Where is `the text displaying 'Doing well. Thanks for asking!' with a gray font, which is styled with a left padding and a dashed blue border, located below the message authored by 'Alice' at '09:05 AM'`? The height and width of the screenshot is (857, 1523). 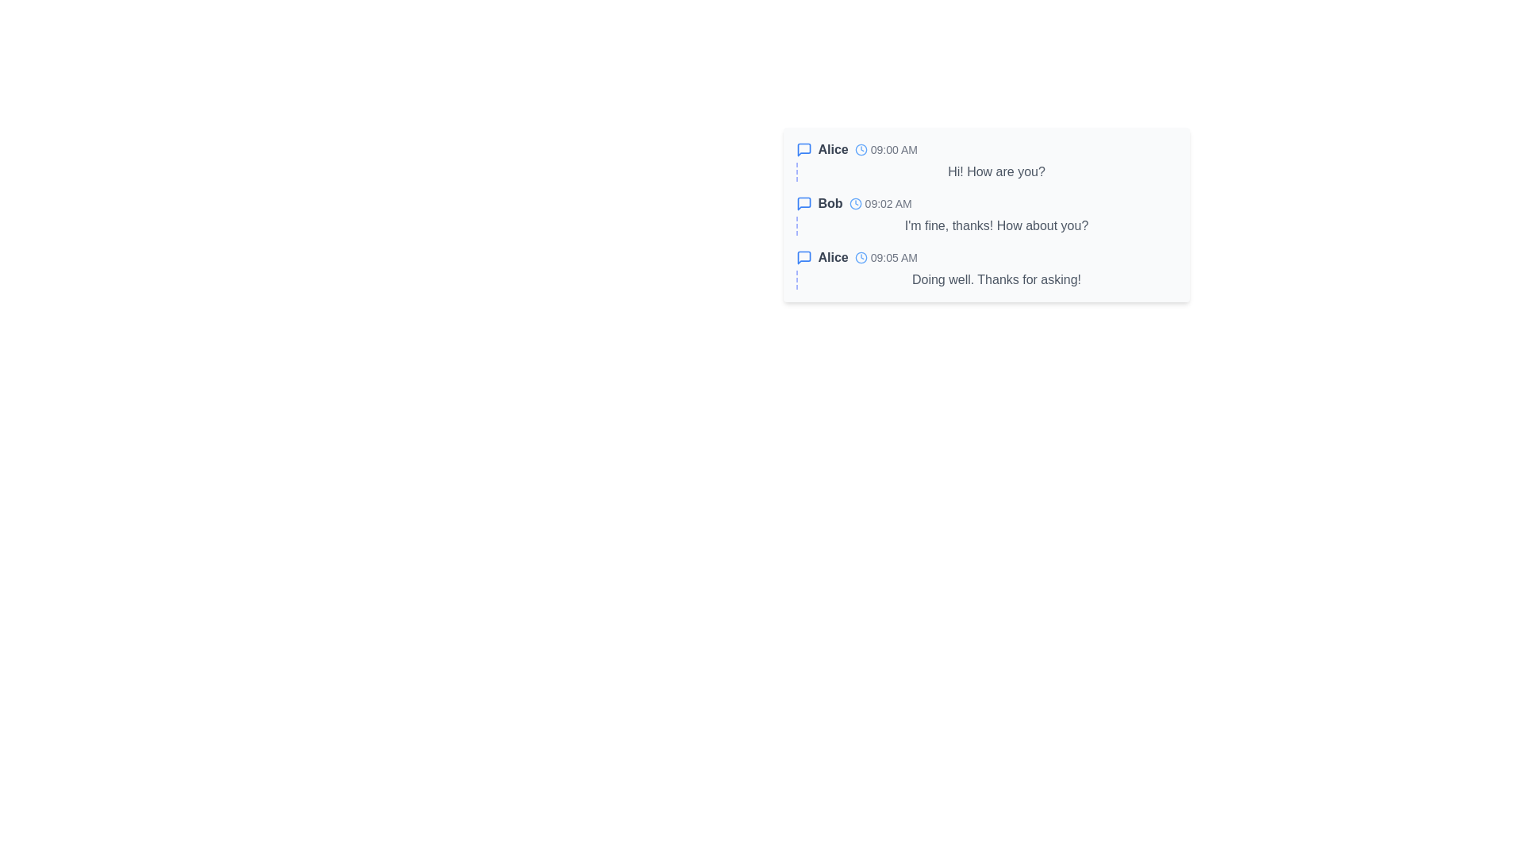
the text displaying 'Doing well. Thanks for asking!' with a gray font, which is styled with a left padding and a dashed blue border, located below the message authored by 'Alice' at '09:05 AM' is located at coordinates (985, 279).